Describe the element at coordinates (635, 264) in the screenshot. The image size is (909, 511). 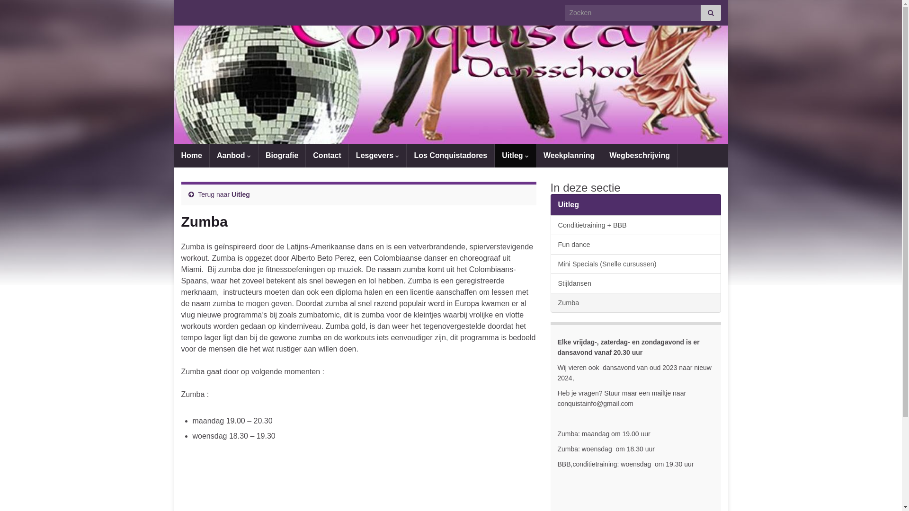
I see `'Mini Specials (Snelle cursussen)'` at that location.